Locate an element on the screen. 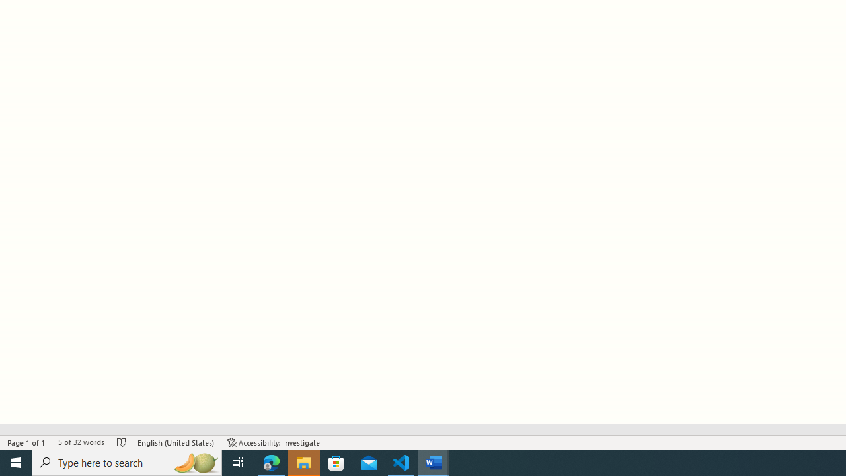 This screenshot has width=846, height=476. 'Page Number Page 1 of 1' is located at coordinates (26, 442).